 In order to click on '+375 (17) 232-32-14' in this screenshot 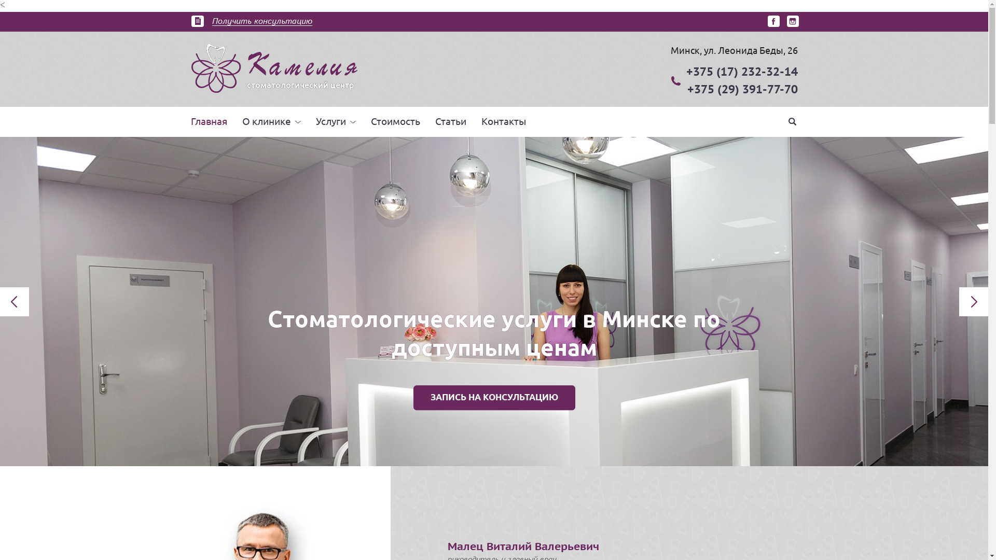, I will do `click(741, 71)`.